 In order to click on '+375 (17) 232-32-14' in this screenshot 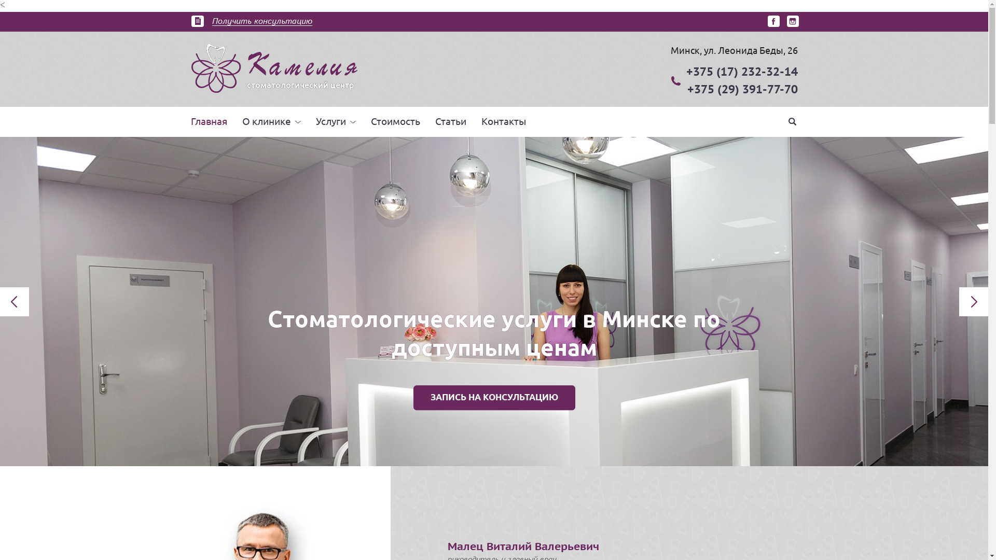, I will do `click(741, 71)`.